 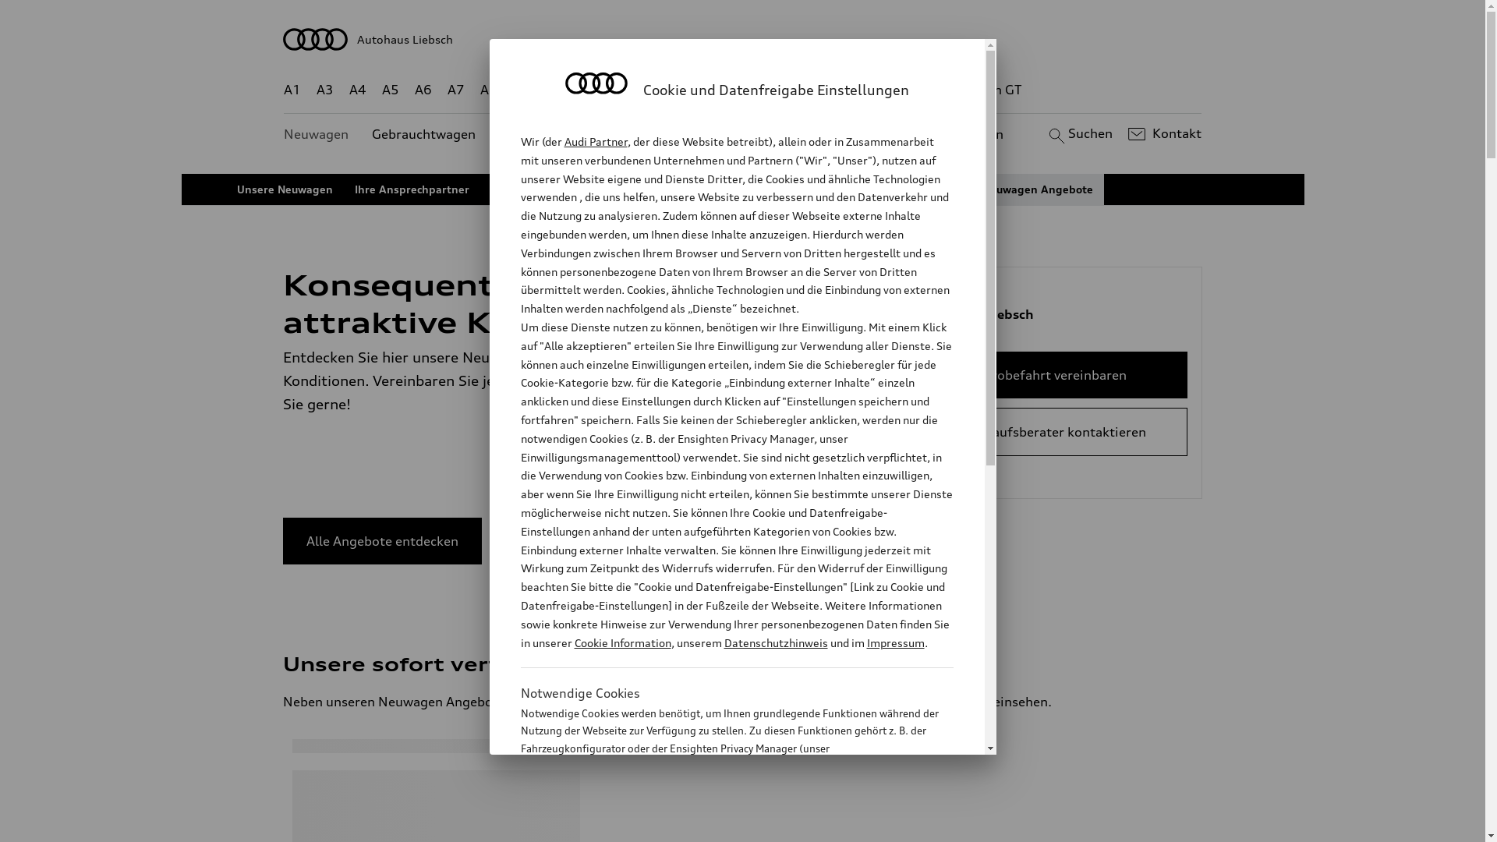 I want to click on 'A8', so click(x=479, y=90).